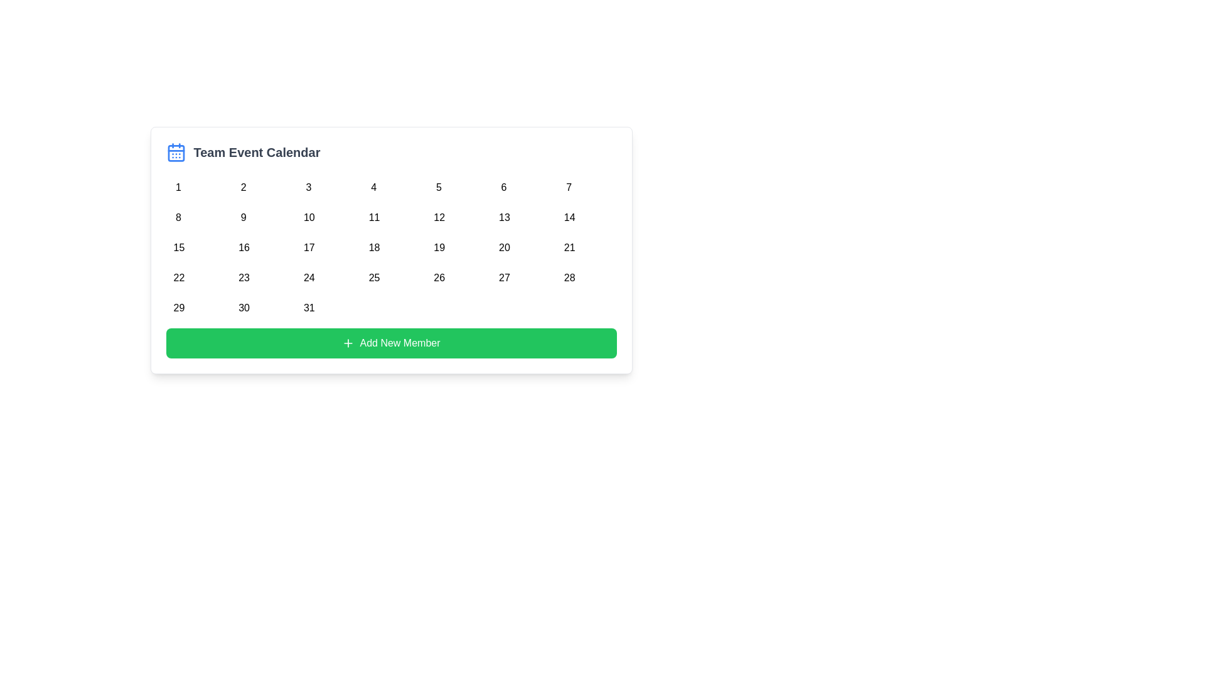 This screenshot has width=1205, height=678. Describe the element at coordinates (390, 245) in the screenshot. I see `the central date button in the month calendar grid` at that location.